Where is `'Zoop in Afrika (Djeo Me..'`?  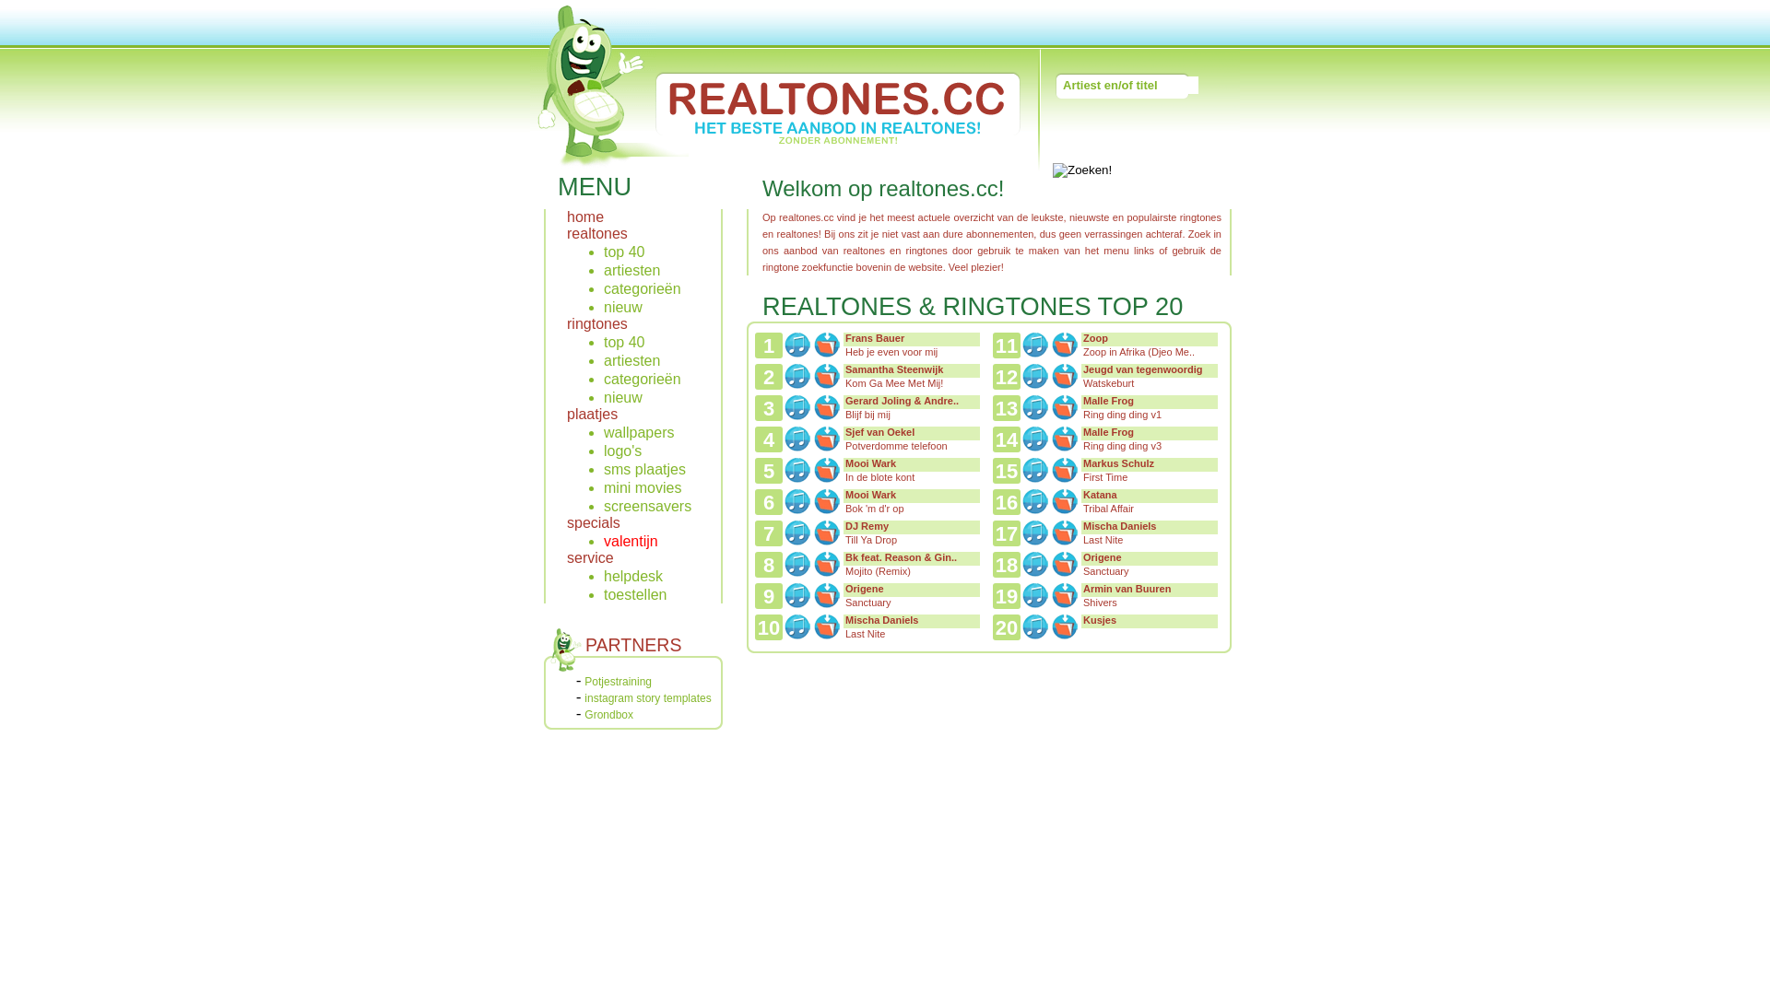 'Zoop in Afrika (Djeo Me..' is located at coordinates (1138, 351).